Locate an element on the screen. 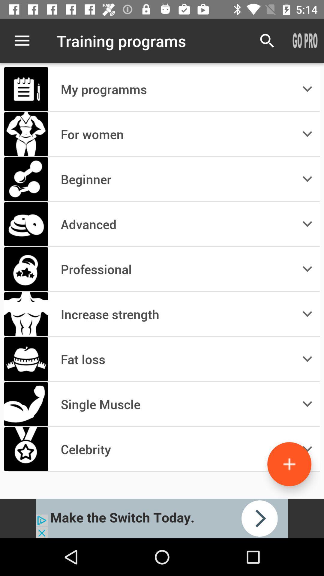 The height and width of the screenshot is (576, 324). more is located at coordinates (289, 464).